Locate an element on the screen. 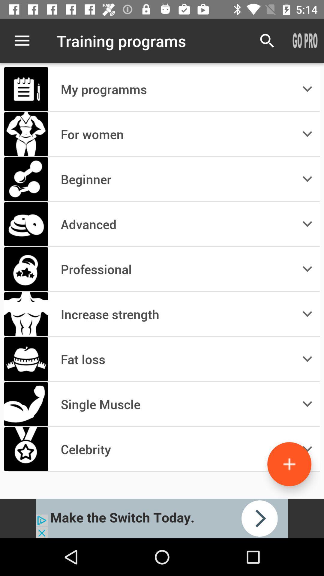 The height and width of the screenshot is (576, 324). more is located at coordinates (289, 464).